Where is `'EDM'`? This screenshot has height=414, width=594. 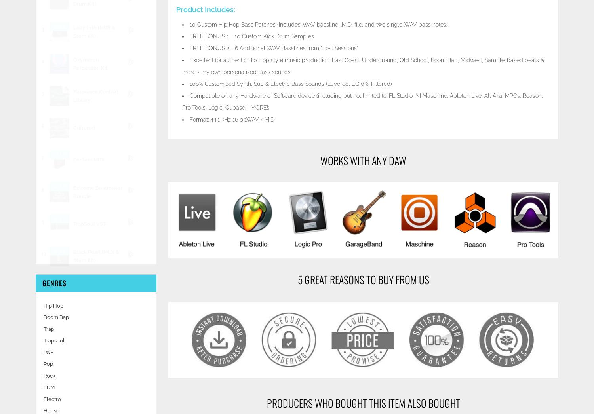
'EDM' is located at coordinates (43, 387).